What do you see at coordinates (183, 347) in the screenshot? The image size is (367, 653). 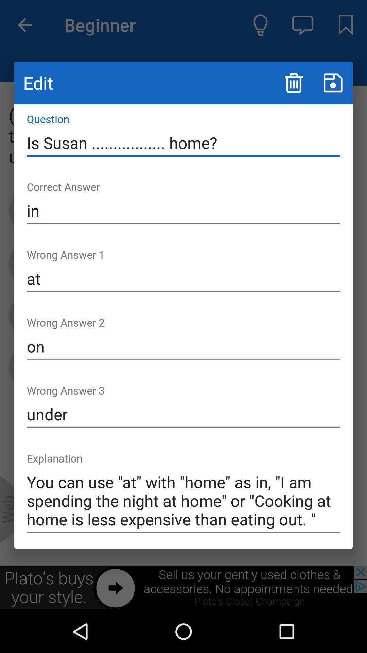 I see `item below the at item` at bounding box center [183, 347].